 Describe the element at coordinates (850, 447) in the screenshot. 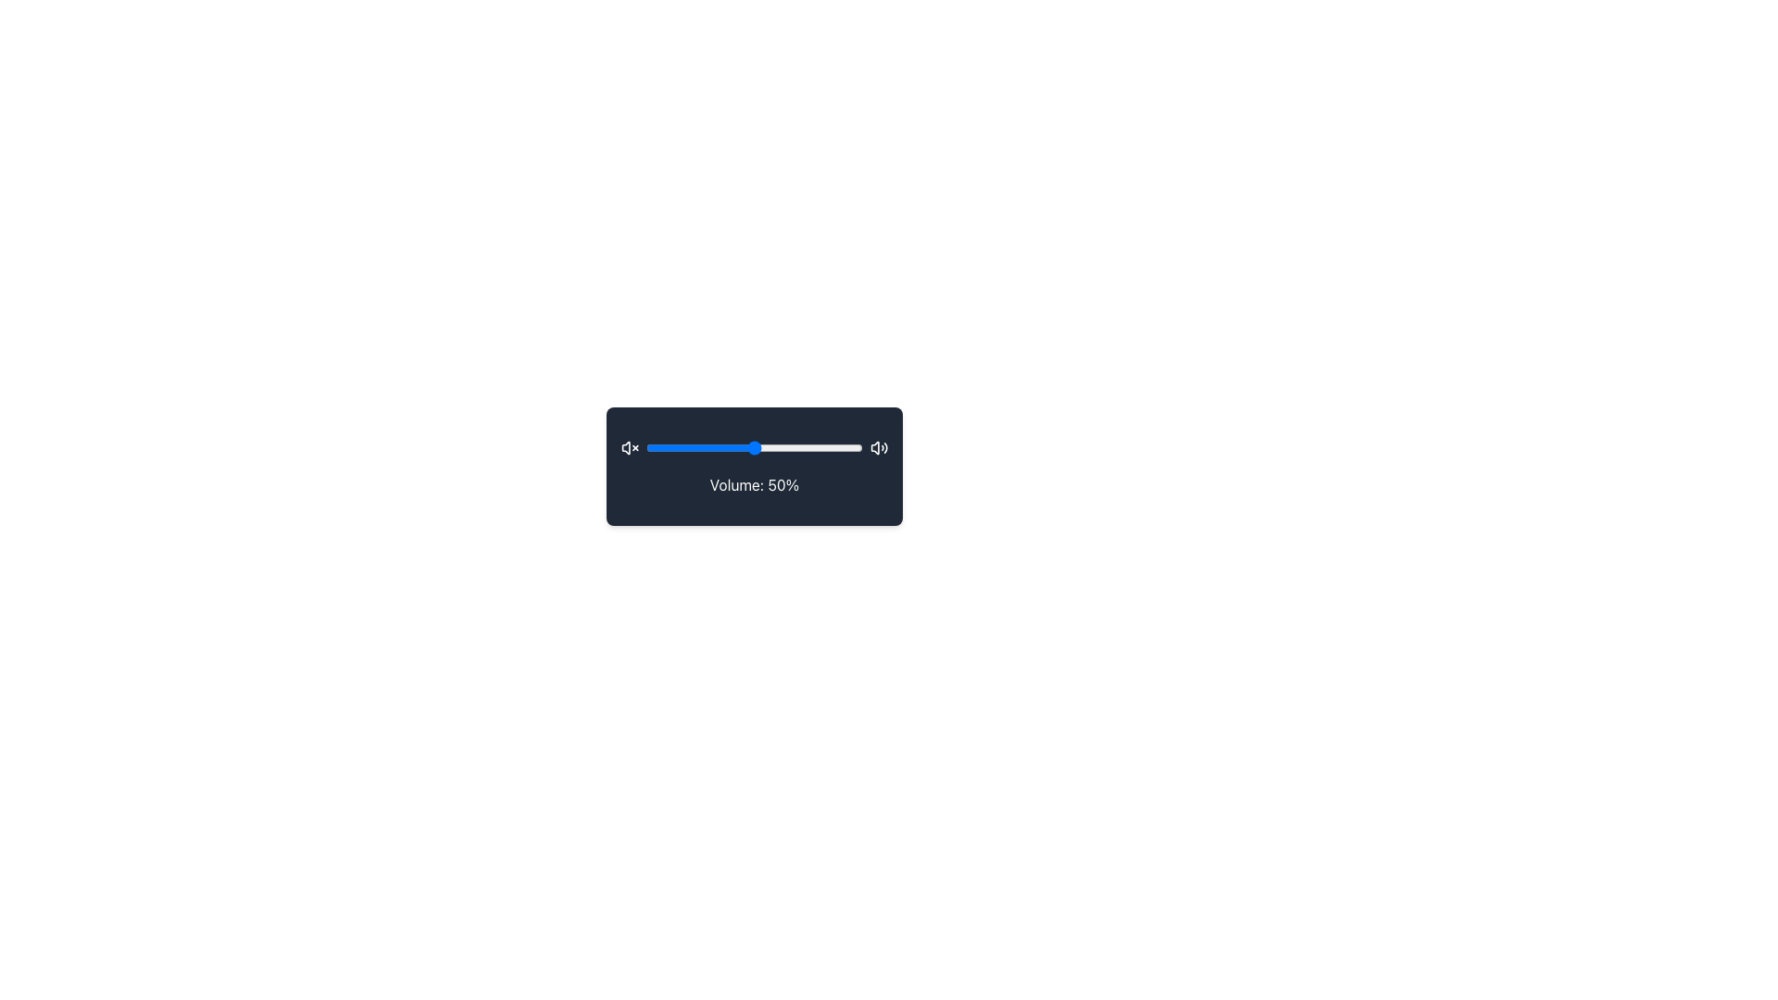

I see `the volume` at that location.